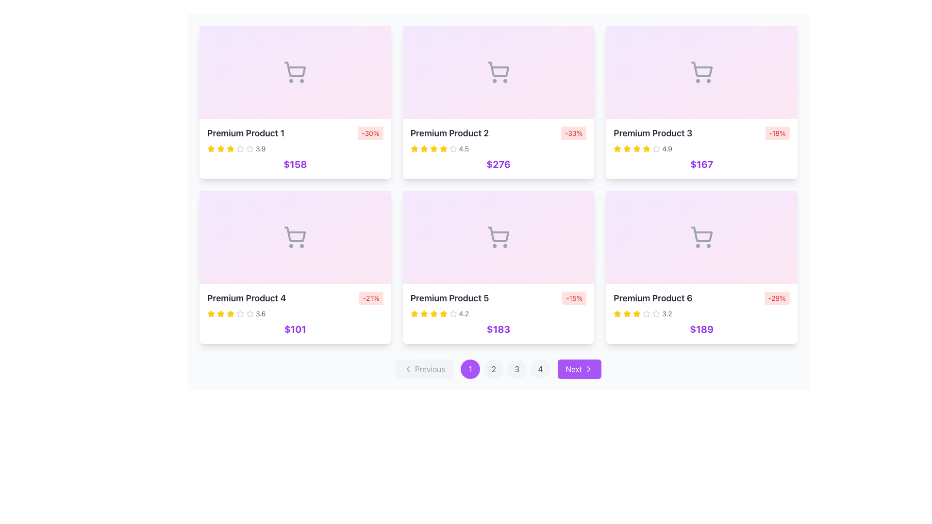  What do you see at coordinates (617, 149) in the screenshot?
I see `the first star icon representing the rating for the 'Premium Product 3' card, which is located in the second row and second column of the product grid, to the left of the text '4.9'` at bounding box center [617, 149].